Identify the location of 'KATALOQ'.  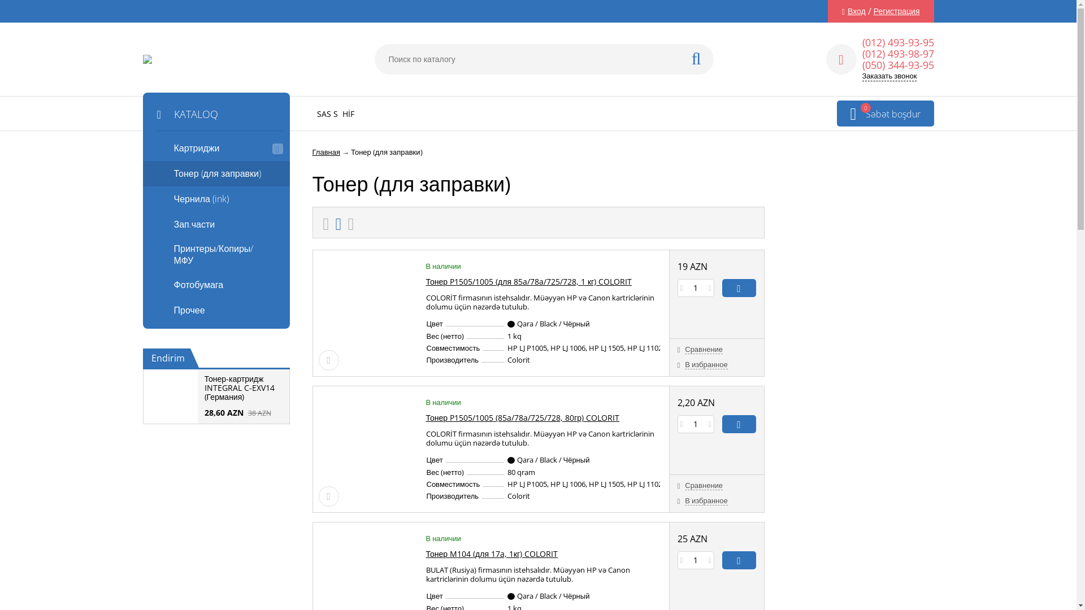
(216, 111).